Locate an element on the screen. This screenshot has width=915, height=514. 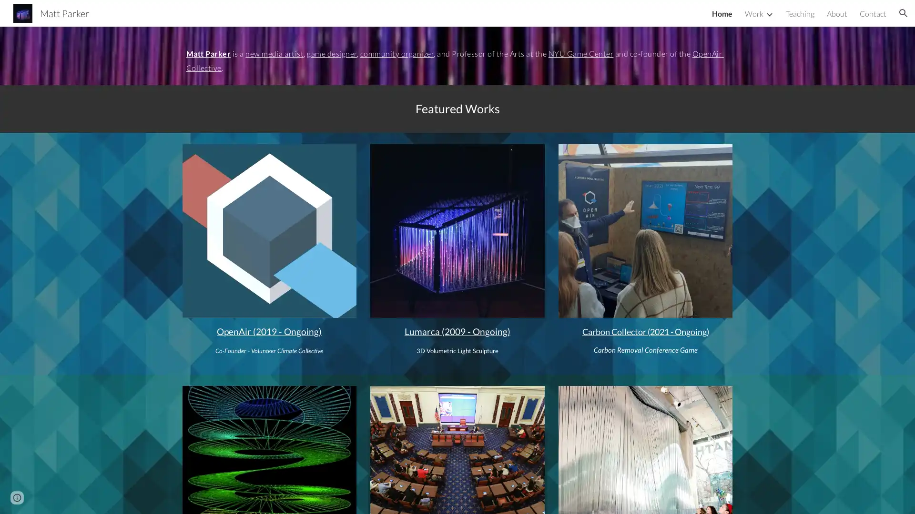
Report abuse is located at coordinates (114, 497).